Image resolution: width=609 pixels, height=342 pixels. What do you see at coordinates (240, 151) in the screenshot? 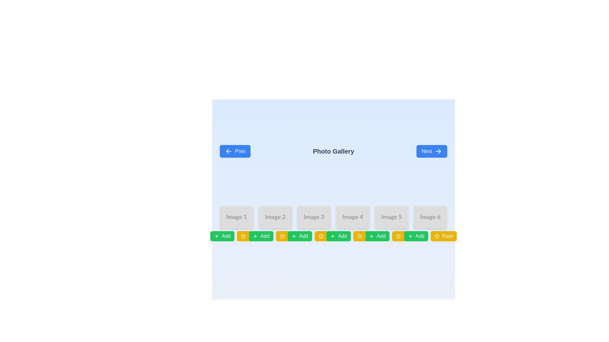
I see `the navigational button associated with the text label indicating the previous page, located in the top-left section of the interface` at bounding box center [240, 151].